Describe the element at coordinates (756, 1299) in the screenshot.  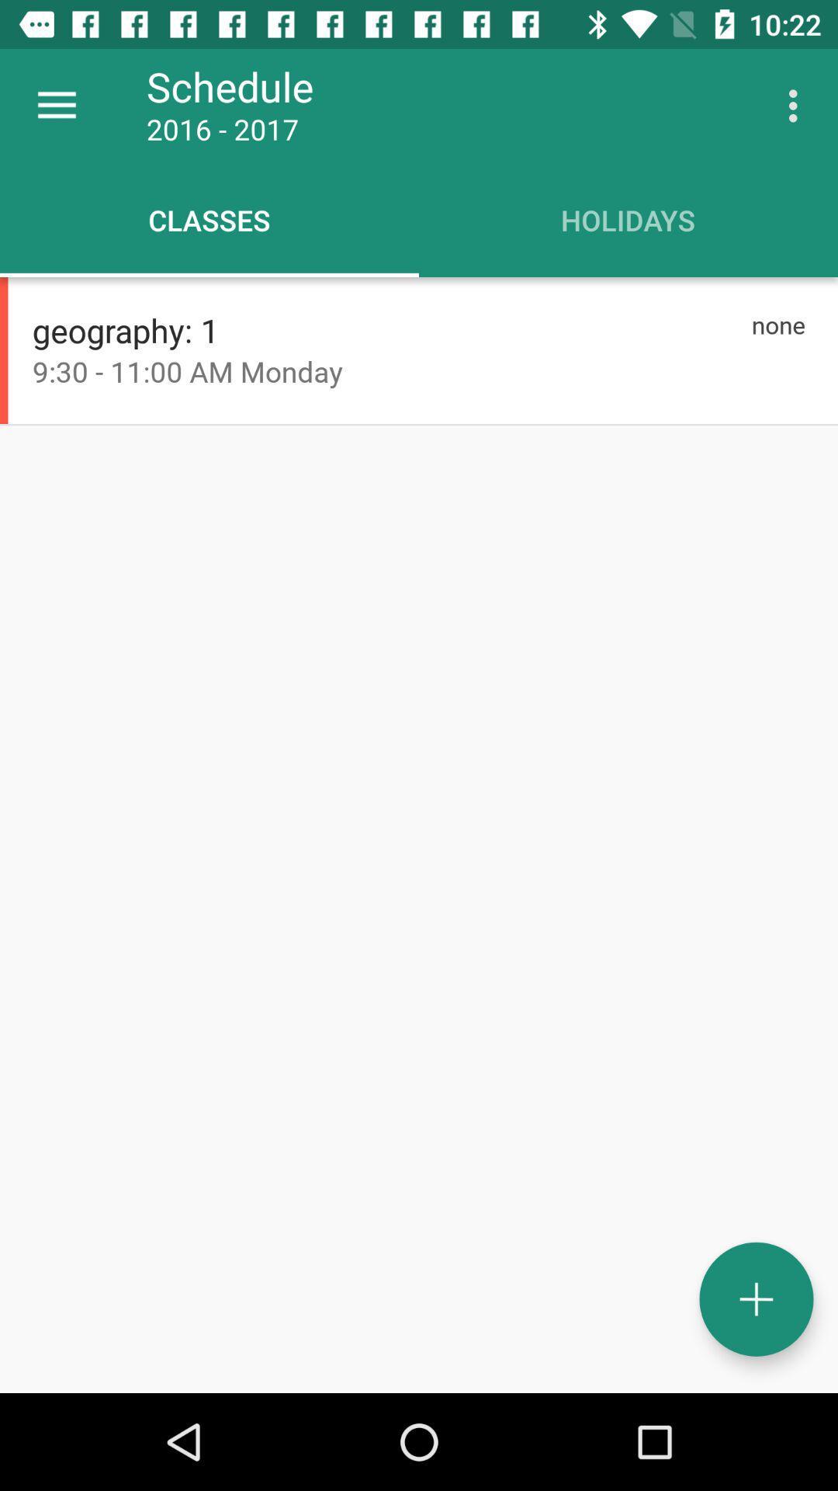
I see `event option` at that location.